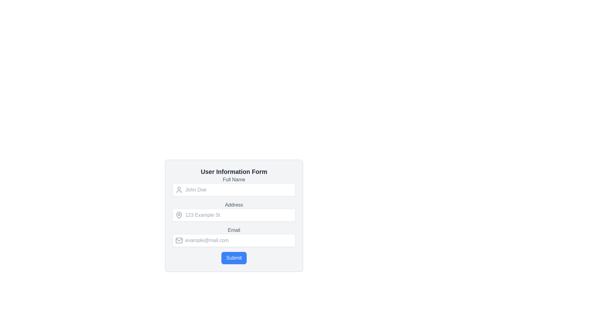  I want to click on the pin-shaped icon resembling a marker for a map, located adjacent to the 'Address' input field, so click(179, 215).